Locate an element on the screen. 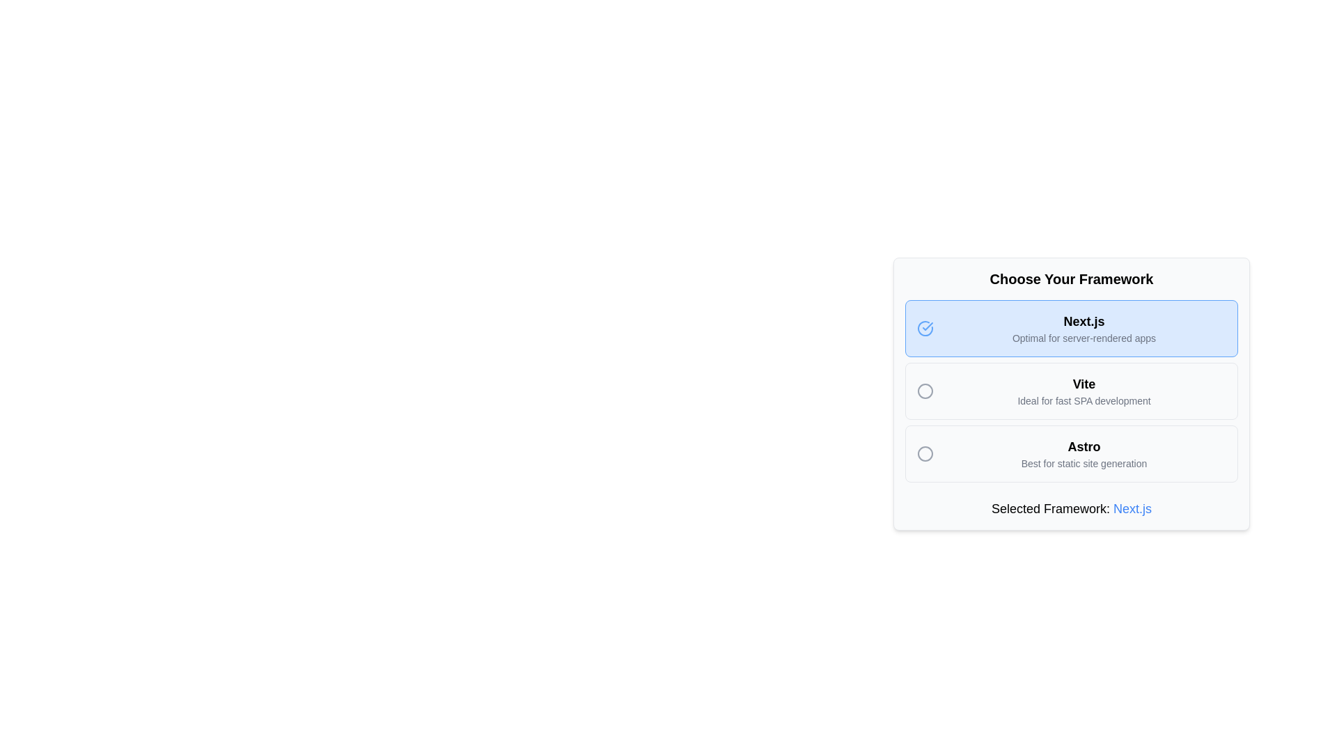 The image size is (1337, 752). static text description located beneath the 'Vite' option in the list of frameworks, which provides key features and selling points of the 'Vite' framework is located at coordinates (1083, 400).